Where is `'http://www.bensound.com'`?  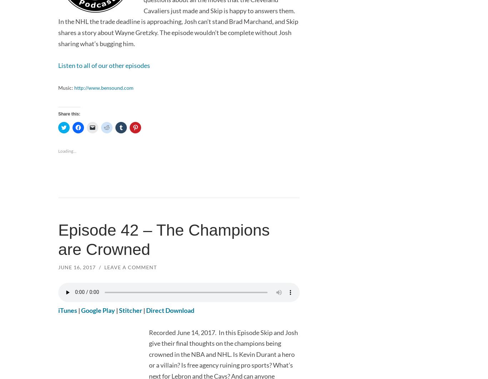 'http://www.bensound.com' is located at coordinates (104, 87).